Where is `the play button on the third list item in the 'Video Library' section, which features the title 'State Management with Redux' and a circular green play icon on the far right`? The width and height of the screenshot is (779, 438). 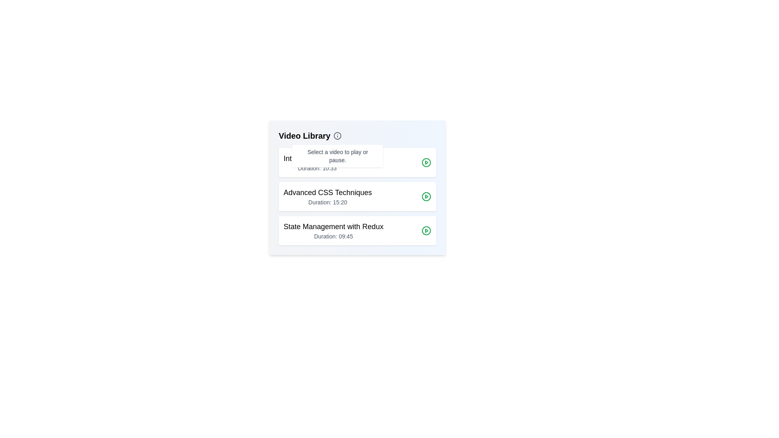
the play button on the third list item in the 'Video Library' section, which features the title 'State Management with Redux' and a circular green play icon on the far right is located at coordinates (357, 231).